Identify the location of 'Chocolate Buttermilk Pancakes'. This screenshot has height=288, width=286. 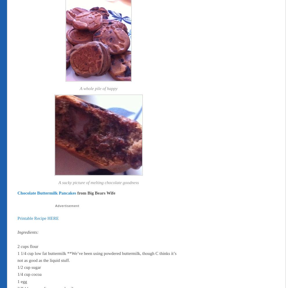
(47, 193).